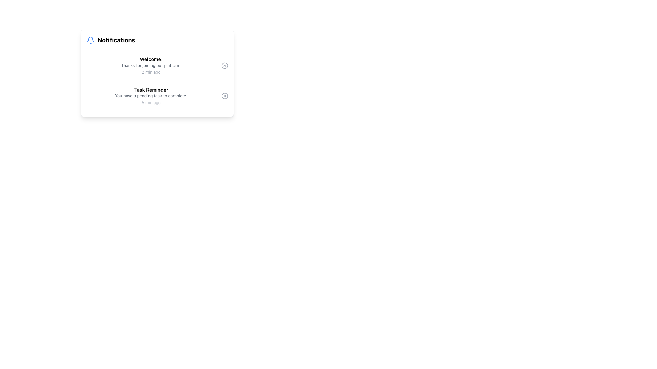 The width and height of the screenshot is (657, 369). What do you see at coordinates (151, 102) in the screenshot?
I see `timestamp displayed as '5 min ago' located within the notification card under the subtitle 'Task Reminder'` at bounding box center [151, 102].